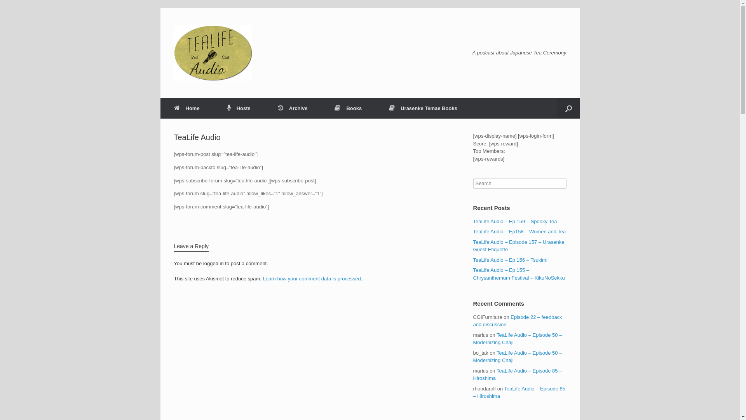  What do you see at coordinates (348, 108) in the screenshot?
I see `'Books'` at bounding box center [348, 108].